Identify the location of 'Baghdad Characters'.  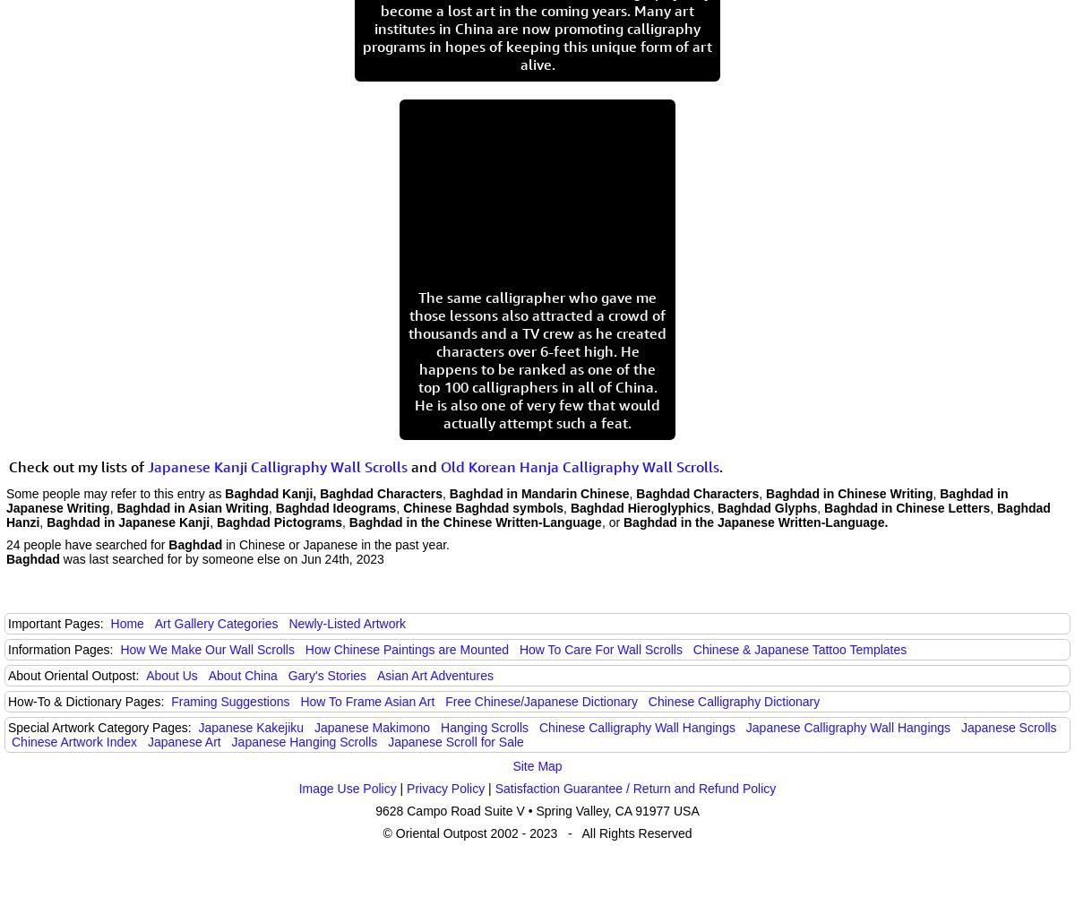
(636, 493).